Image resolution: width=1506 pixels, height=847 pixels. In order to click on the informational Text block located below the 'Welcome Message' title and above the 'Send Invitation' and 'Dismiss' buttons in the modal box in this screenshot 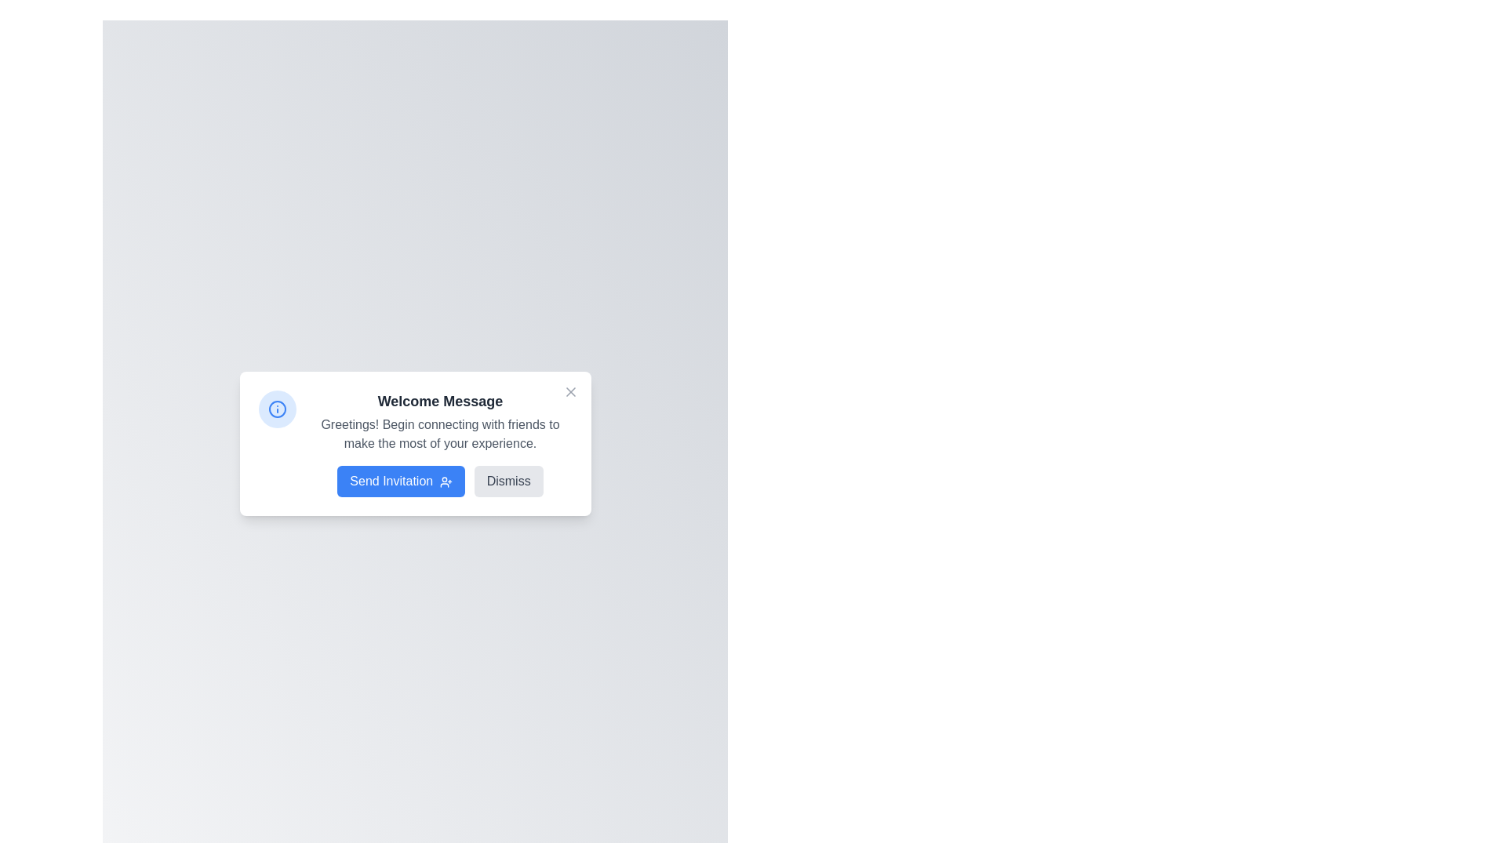, I will do `click(439, 434)`.